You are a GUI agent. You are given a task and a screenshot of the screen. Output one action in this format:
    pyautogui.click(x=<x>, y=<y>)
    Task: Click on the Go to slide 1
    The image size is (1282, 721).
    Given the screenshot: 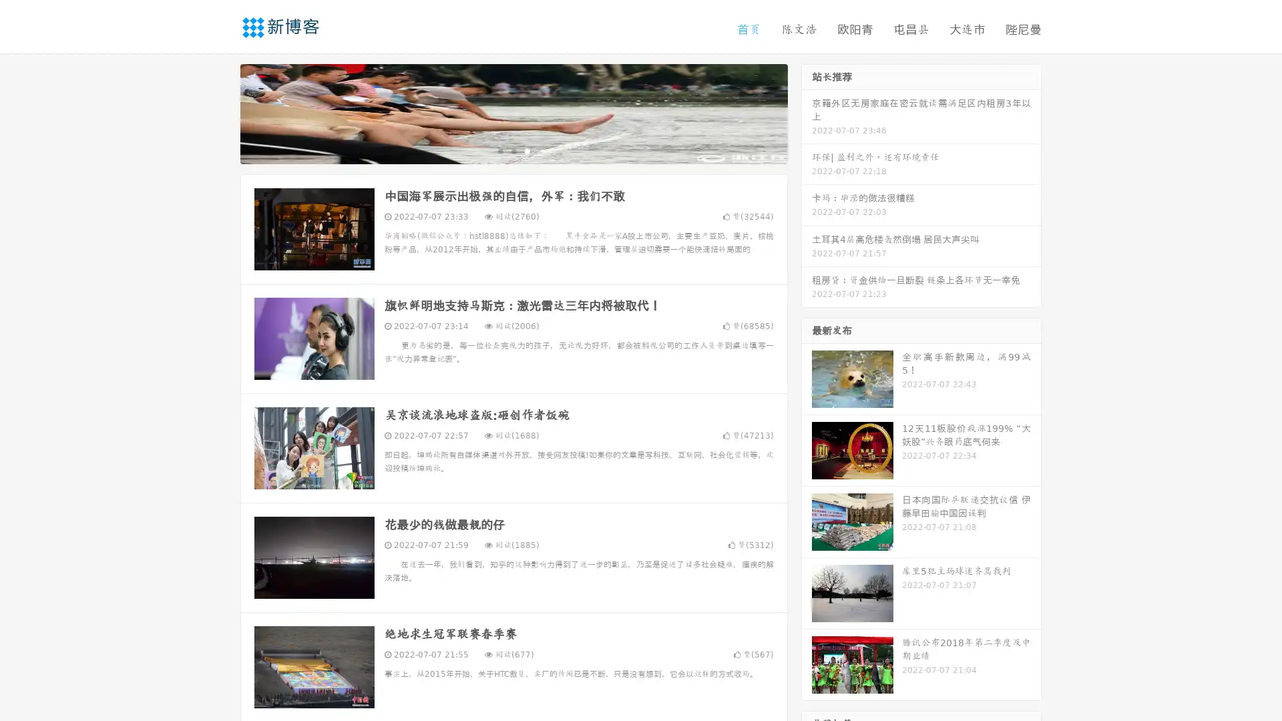 What is the action you would take?
    pyautogui.click(x=499, y=150)
    